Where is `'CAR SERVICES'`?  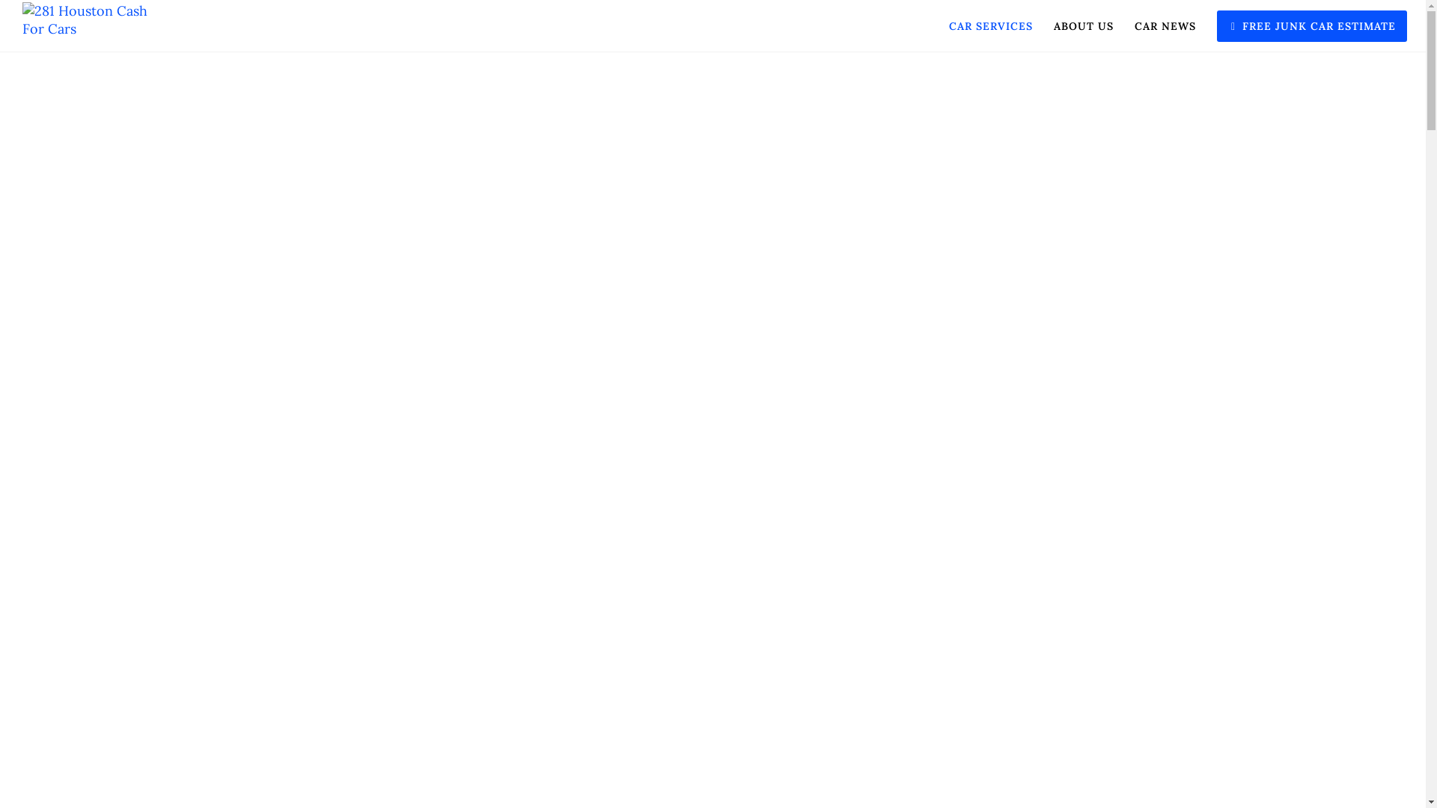 'CAR SERVICES' is located at coordinates (980, 25).